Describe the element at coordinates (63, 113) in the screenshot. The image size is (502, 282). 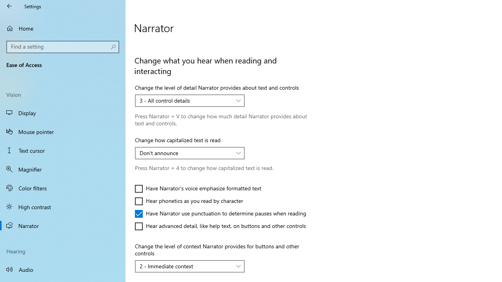
I see `'Display'` at that location.